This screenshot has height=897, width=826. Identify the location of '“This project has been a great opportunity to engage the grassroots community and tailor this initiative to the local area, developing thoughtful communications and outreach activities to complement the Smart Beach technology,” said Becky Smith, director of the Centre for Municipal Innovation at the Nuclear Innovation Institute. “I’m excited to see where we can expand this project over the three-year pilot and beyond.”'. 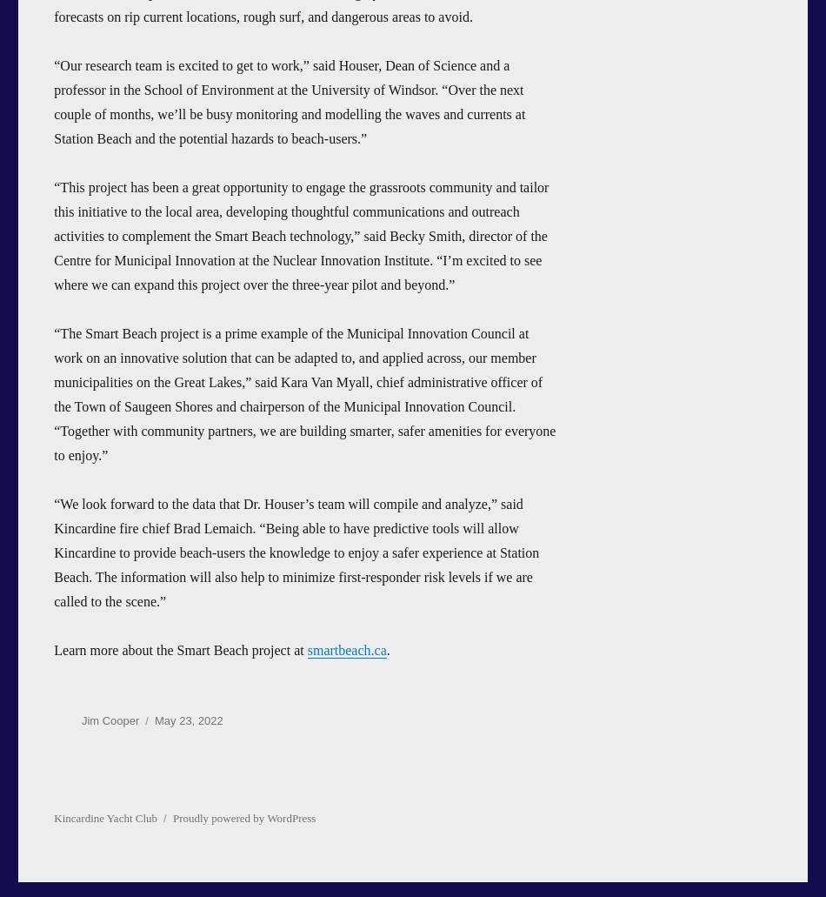
(300, 235).